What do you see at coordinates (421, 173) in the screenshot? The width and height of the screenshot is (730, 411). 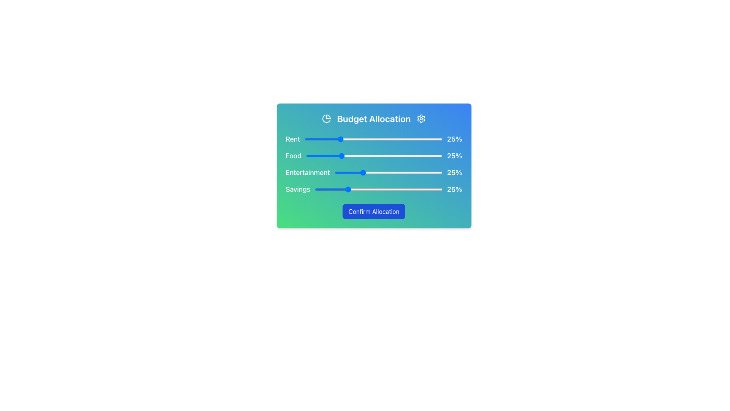 I see `the Entertainment budget percentage` at bounding box center [421, 173].